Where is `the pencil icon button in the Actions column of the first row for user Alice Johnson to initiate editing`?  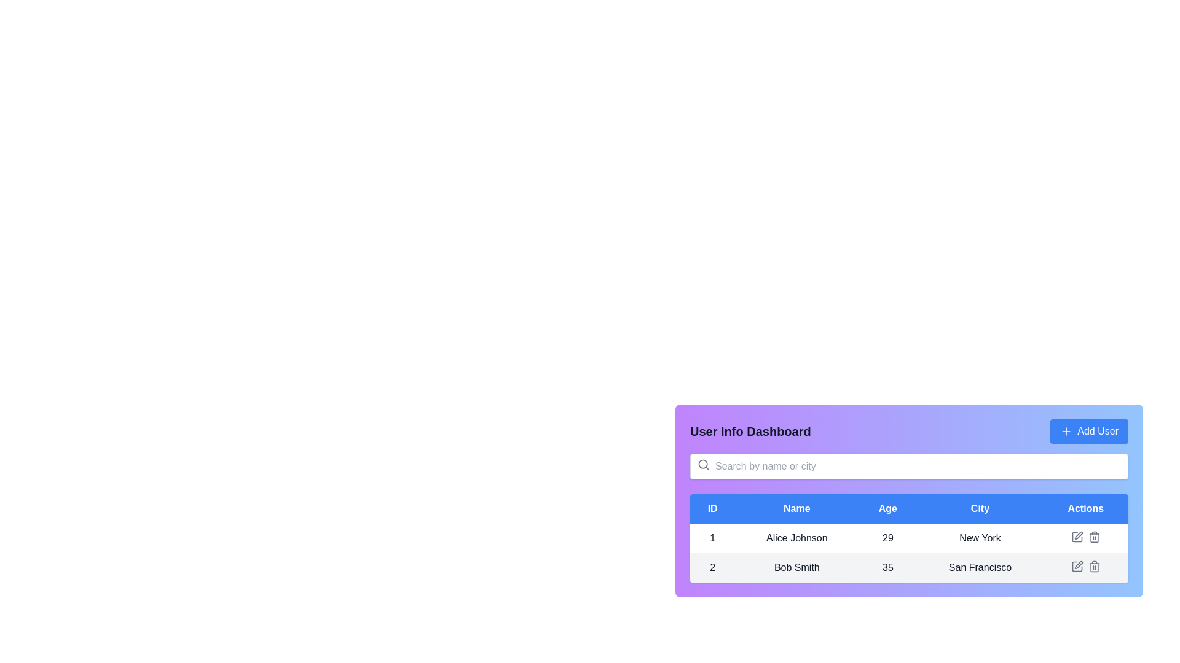 the pencil icon button in the Actions column of the first row for user Alice Johnson to initiate editing is located at coordinates (1076, 537).